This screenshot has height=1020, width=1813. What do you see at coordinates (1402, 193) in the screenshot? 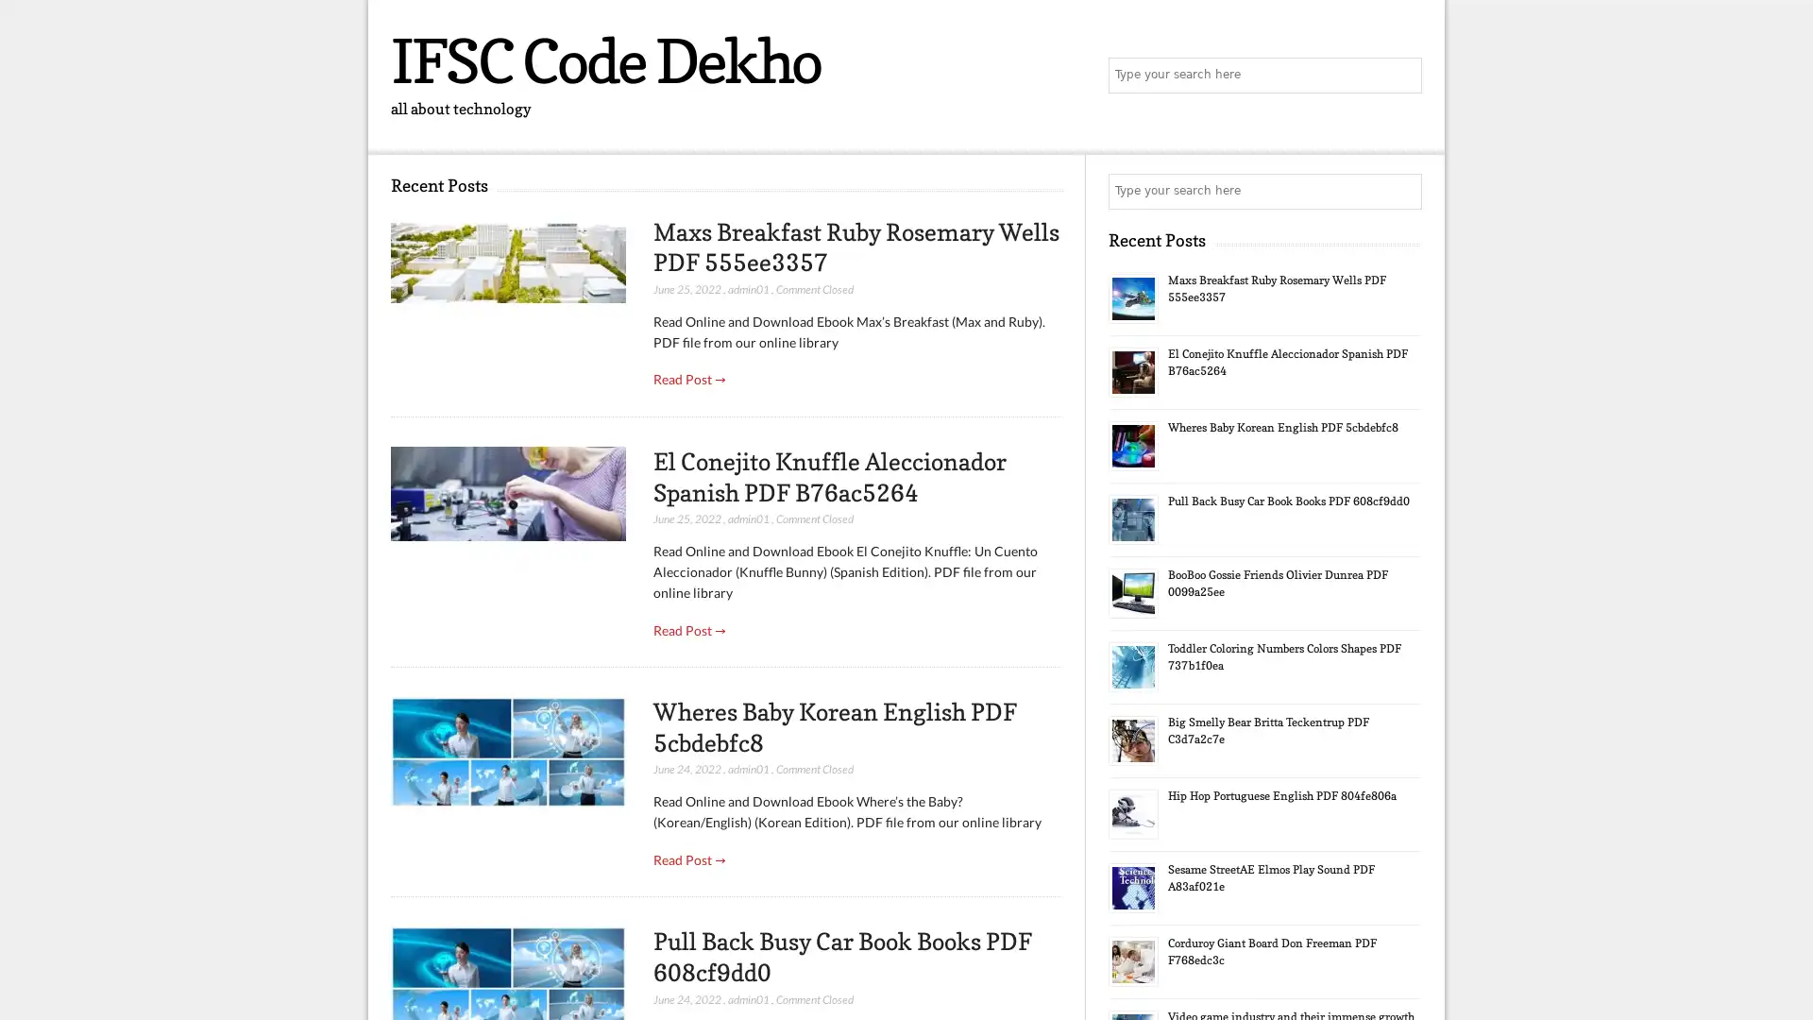
I see `Search` at bounding box center [1402, 193].